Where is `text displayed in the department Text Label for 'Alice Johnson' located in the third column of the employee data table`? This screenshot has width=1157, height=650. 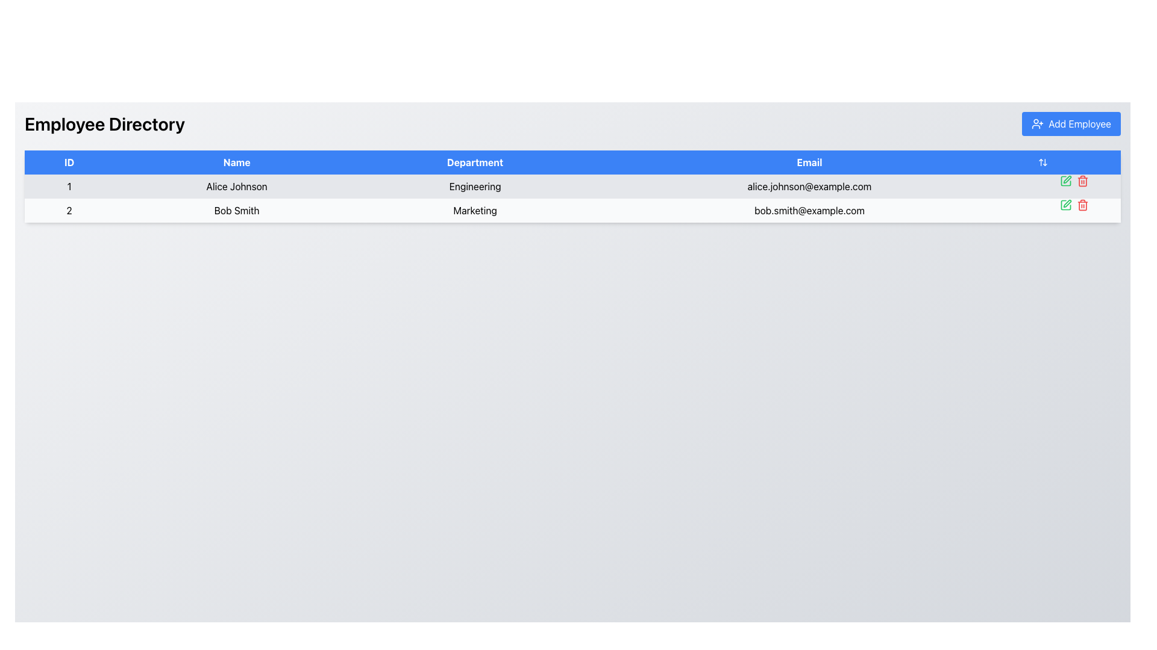
text displayed in the department Text Label for 'Alice Johnson' located in the third column of the employee data table is located at coordinates (474, 186).